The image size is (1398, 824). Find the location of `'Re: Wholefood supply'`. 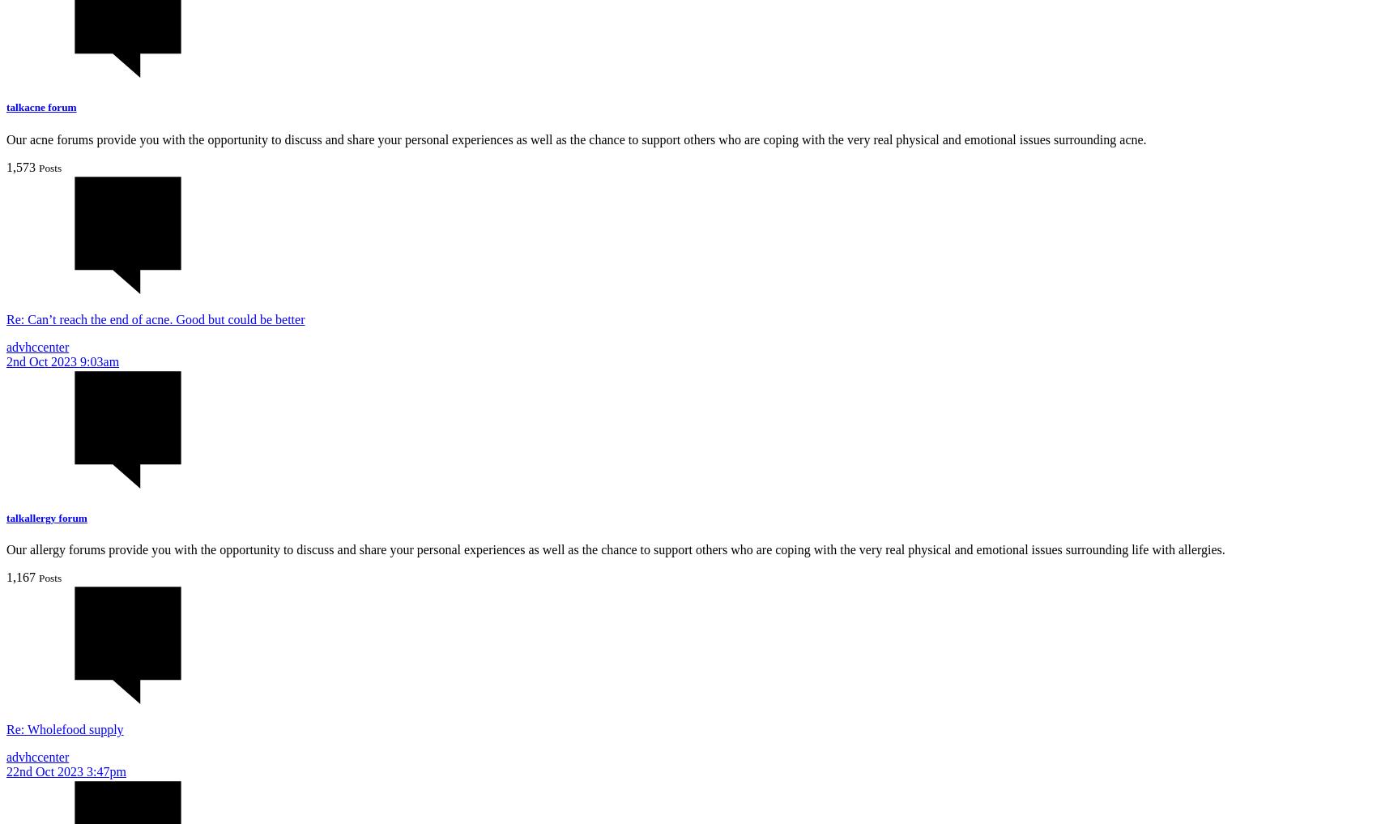

'Re: Wholefood supply' is located at coordinates (64, 728).